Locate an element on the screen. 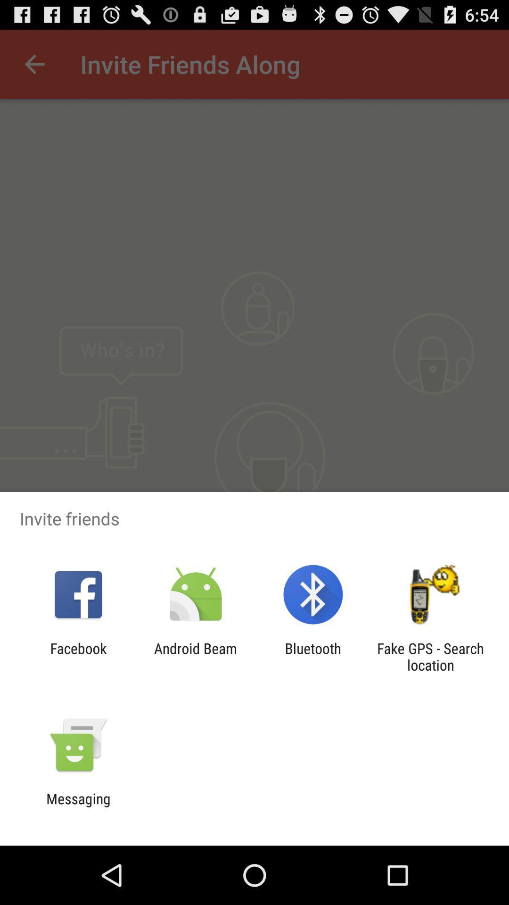 This screenshot has height=905, width=509. app to the left of fake gps search app is located at coordinates (313, 656).